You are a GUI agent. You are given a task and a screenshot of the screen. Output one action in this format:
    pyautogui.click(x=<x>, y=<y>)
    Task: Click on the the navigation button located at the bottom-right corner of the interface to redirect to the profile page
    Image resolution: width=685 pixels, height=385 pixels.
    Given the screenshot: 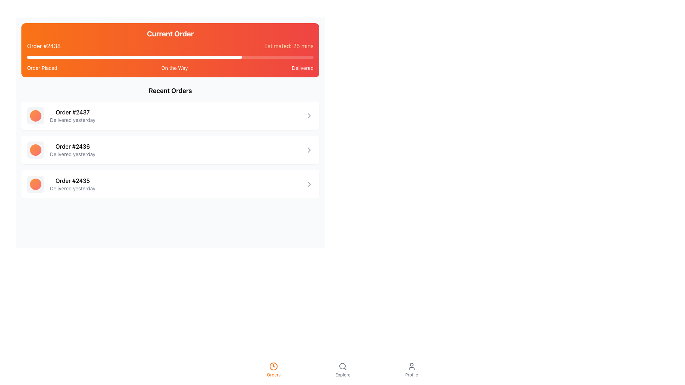 What is the action you would take?
    pyautogui.click(x=411, y=369)
    